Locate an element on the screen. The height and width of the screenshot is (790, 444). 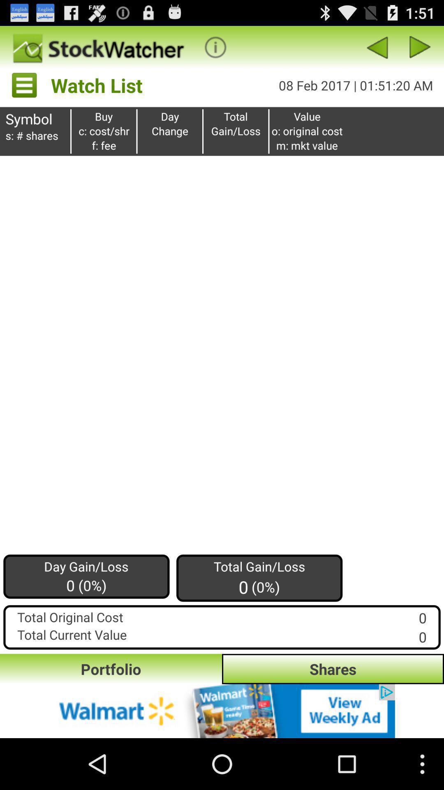
the play icon is located at coordinates (420, 50).